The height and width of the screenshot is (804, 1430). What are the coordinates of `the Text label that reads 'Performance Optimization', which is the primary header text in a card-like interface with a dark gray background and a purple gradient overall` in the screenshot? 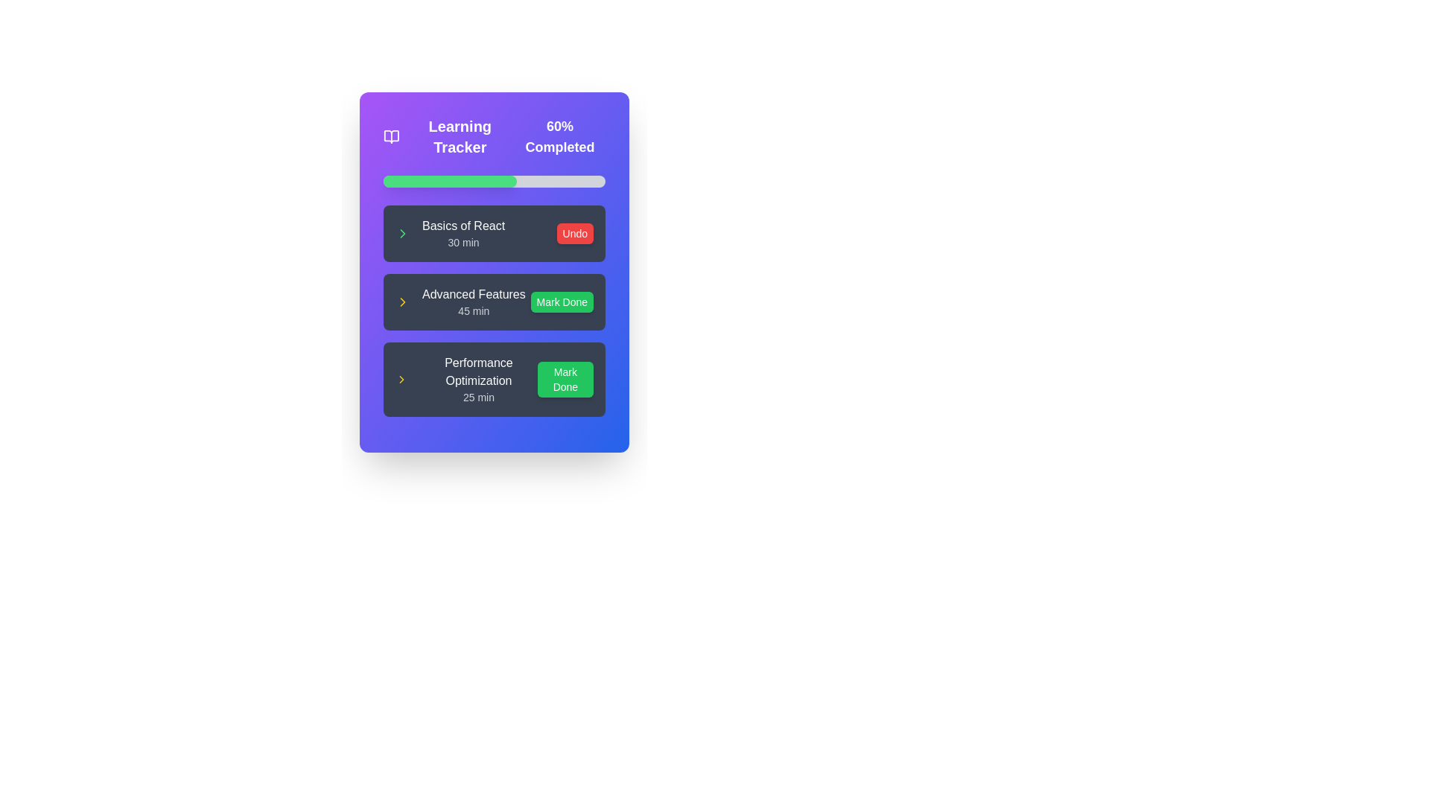 It's located at (479, 371).